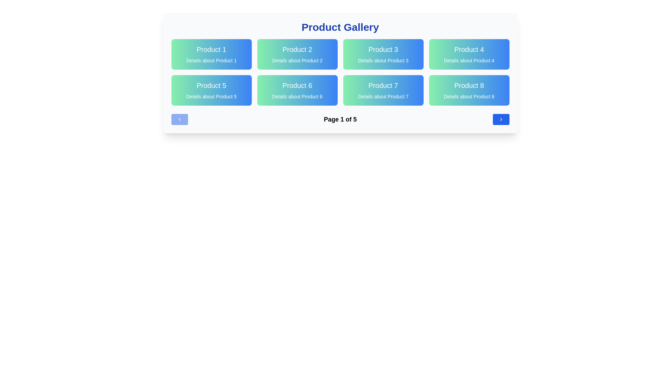 This screenshot has height=374, width=665. What do you see at coordinates (179, 119) in the screenshot?
I see `the left-pointing chevron button located at the far-left of the pagination control section` at bounding box center [179, 119].